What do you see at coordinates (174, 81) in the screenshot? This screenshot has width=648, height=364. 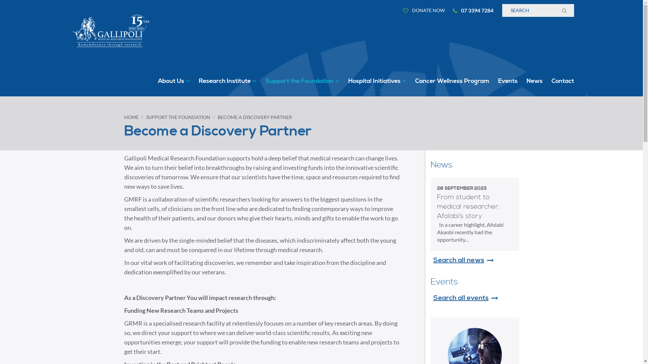 I see `'About Us'` at bounding box center [174, 81].